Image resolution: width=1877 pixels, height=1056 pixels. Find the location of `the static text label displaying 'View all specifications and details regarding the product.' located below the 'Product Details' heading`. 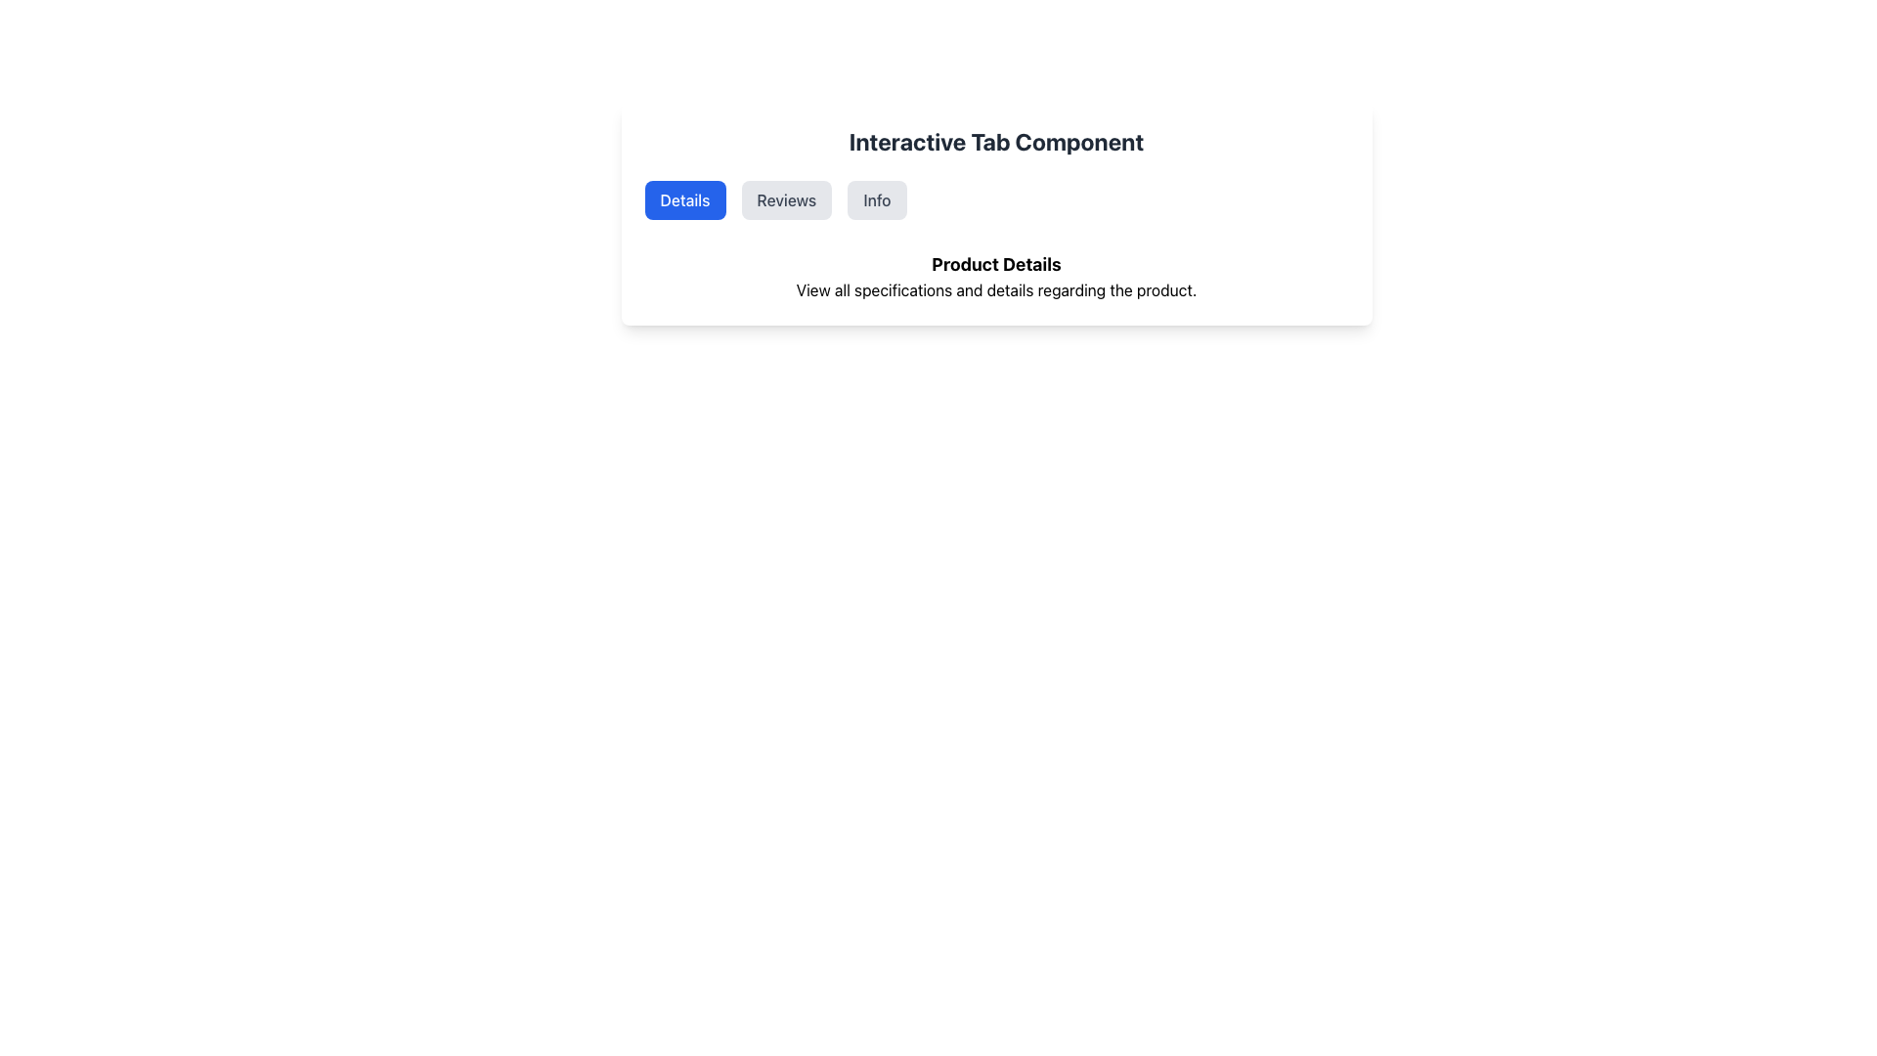

the static text label displaying 'View all specifications and details regarding the product.' located below the 'Product Details' heading is located at coordinates (996, 290).